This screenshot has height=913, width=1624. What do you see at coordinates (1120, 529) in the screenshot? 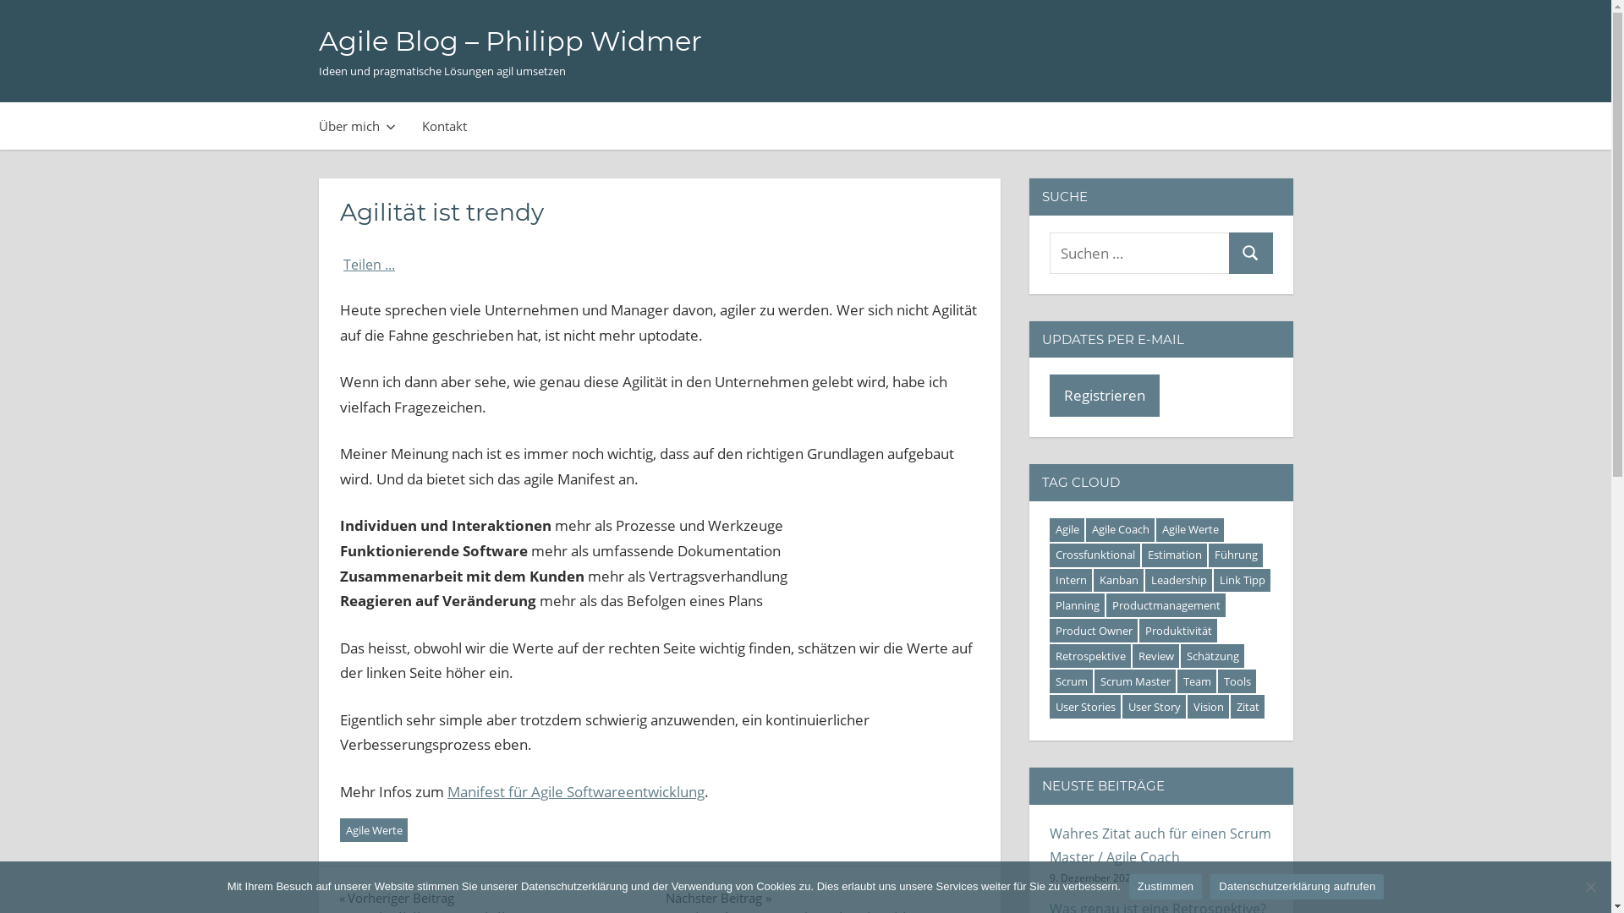
I see `'Agile Coach'` at bounding box center [1120, 529].